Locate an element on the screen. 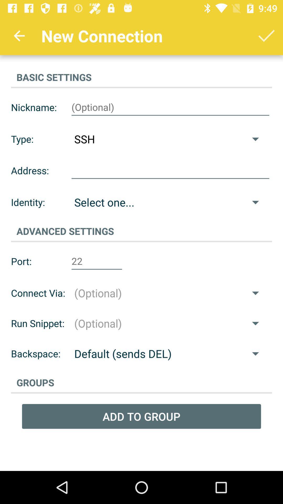 This screenshot has width=283, height=504. type in box is located at coordinates (170, 107).